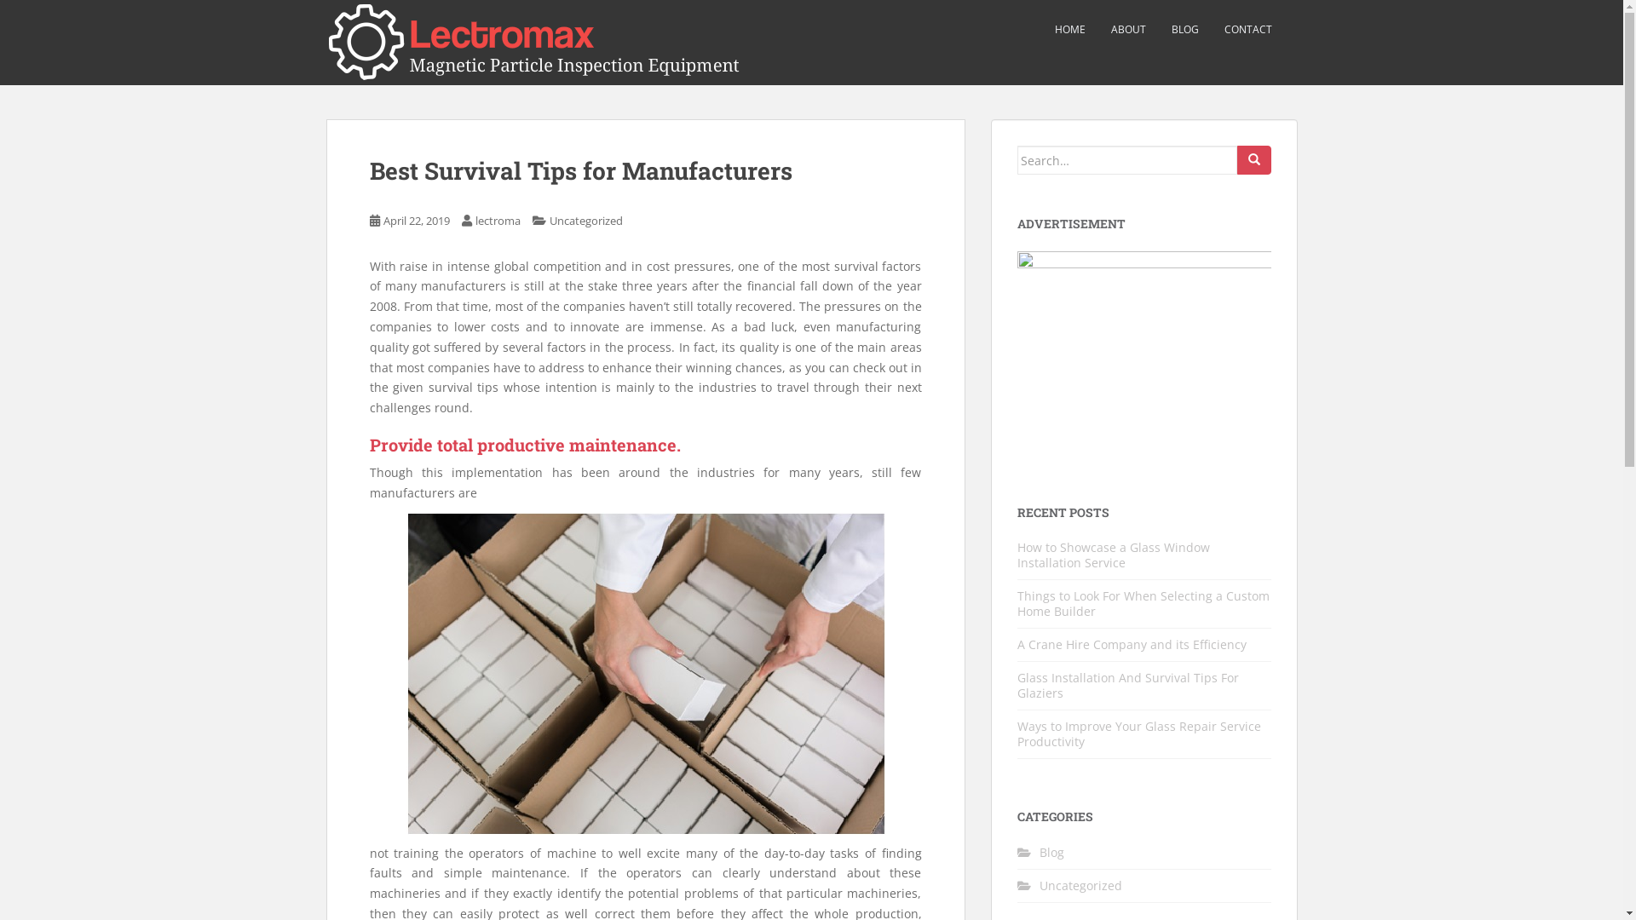 The width and height of the screenshot is (1636, 920). Describe the element at coordinates (1254, 160) in the screenshot. I see `'Search'` at that location.